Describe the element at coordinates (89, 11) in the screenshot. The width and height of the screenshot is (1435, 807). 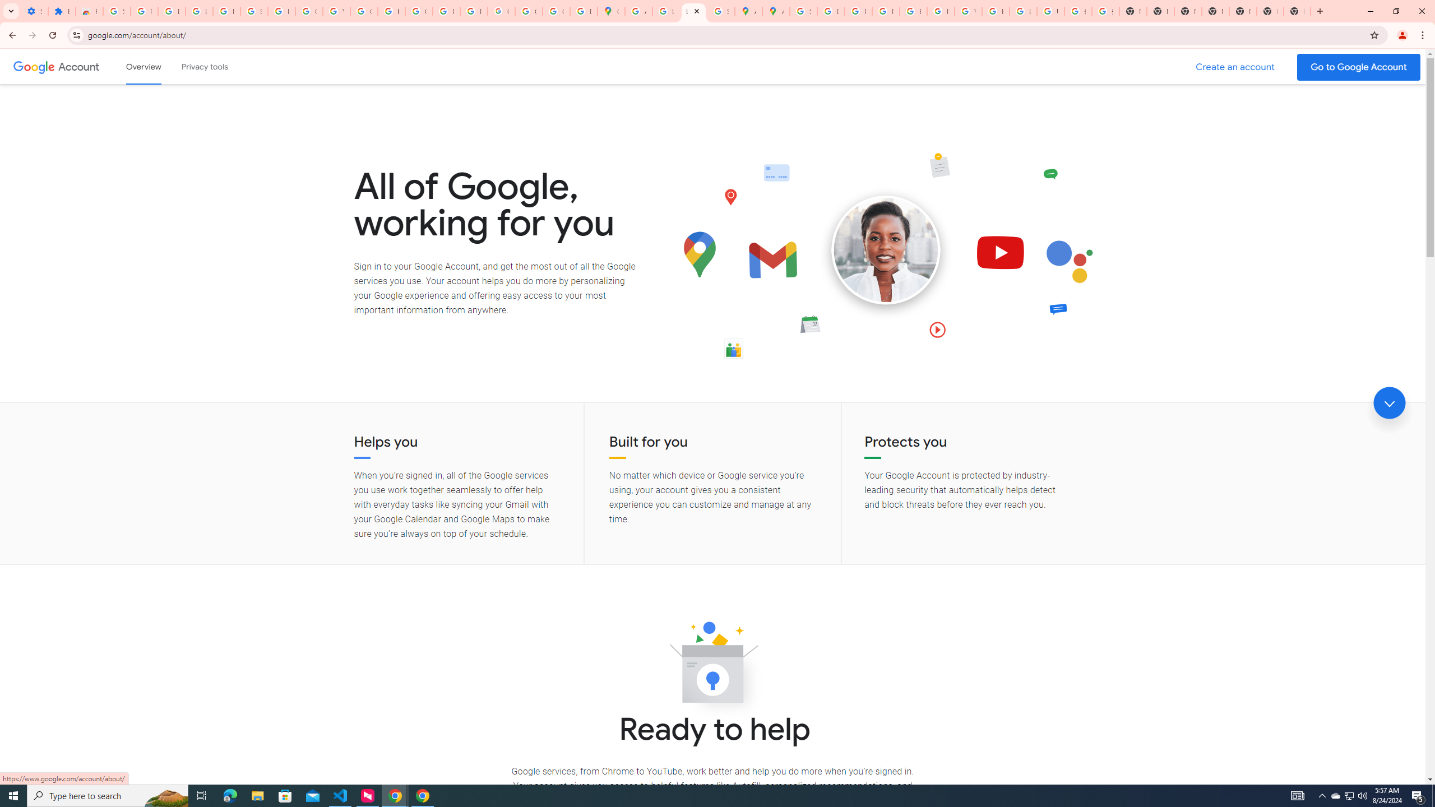
I see `'Reviews: Helix Fruit Jump Arcade Game'` at that location.